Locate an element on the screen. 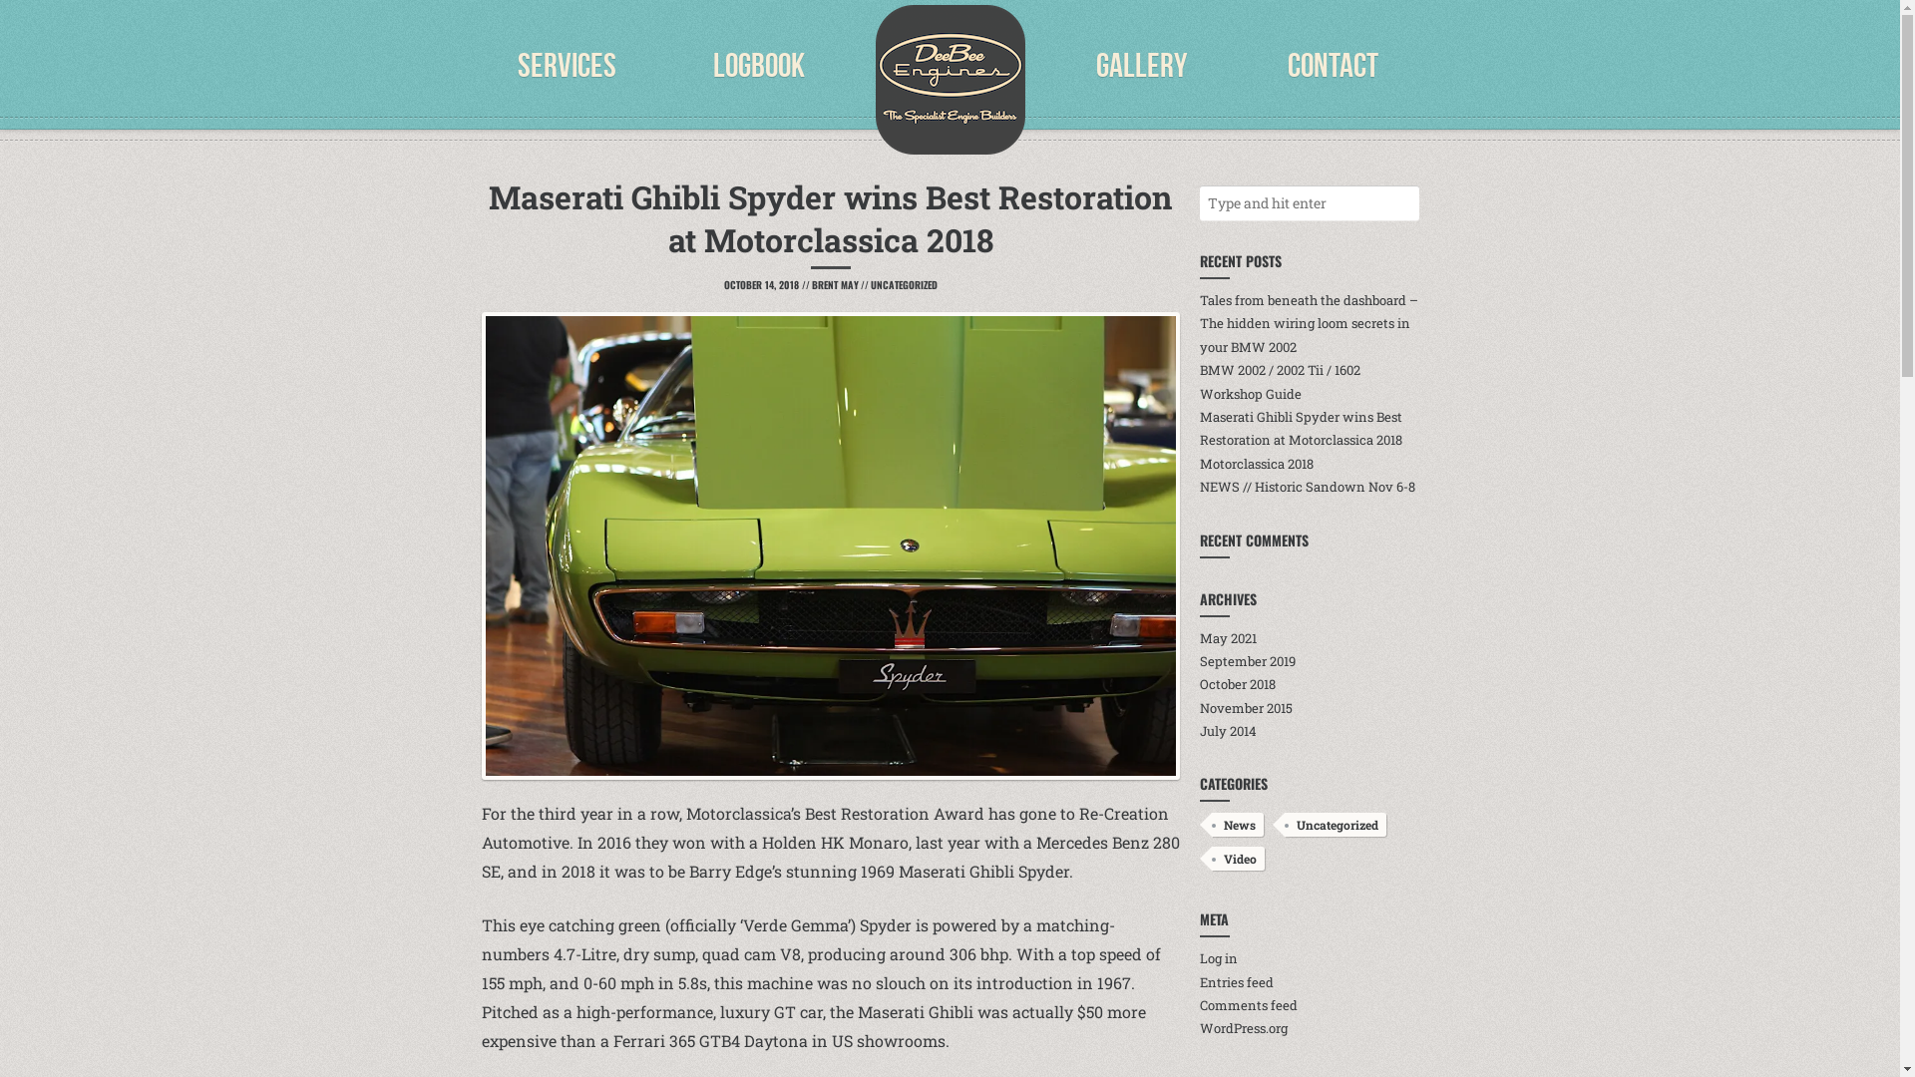 The width and height of the screenshot is (1915, 1077). 'News' is located at coordinates (1235, 824).